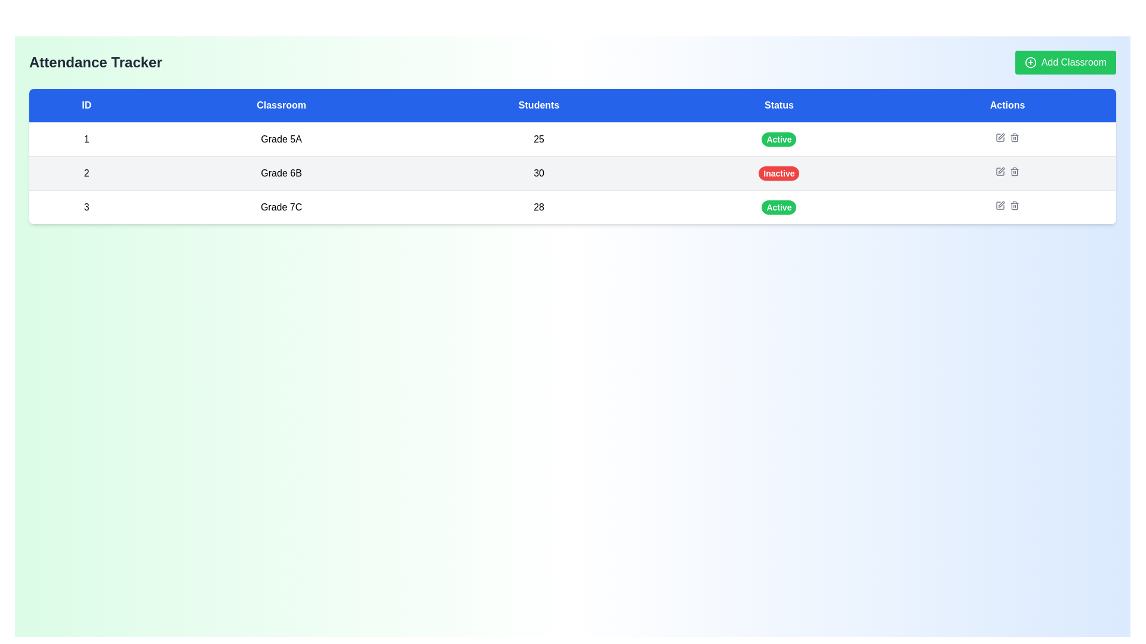 Image resolution: width=1146 pixels, height=644 pixels. I want to click on the edit button represented by a small square icon with a pen symbol in the 'Actions' column of the table for the 'Grade 6B' classroom, so click(1000, 172).